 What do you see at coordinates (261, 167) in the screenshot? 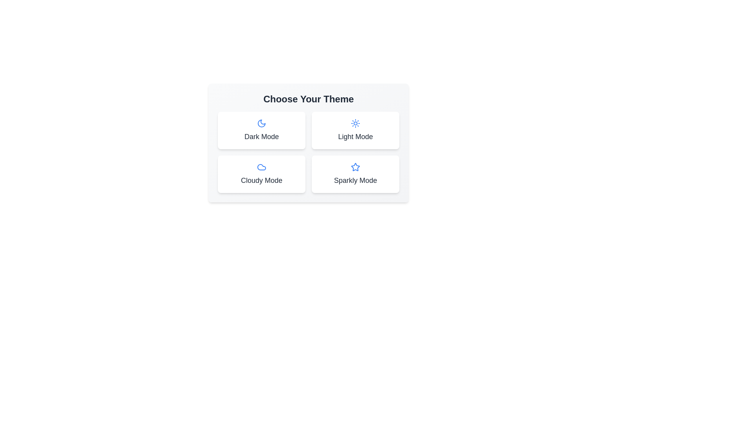
I see `the Cloudy Mode icon, which is a visual indicator located near the top of the Cloudy Mode button in the theme selection grid` at bounding box center [261, 167].